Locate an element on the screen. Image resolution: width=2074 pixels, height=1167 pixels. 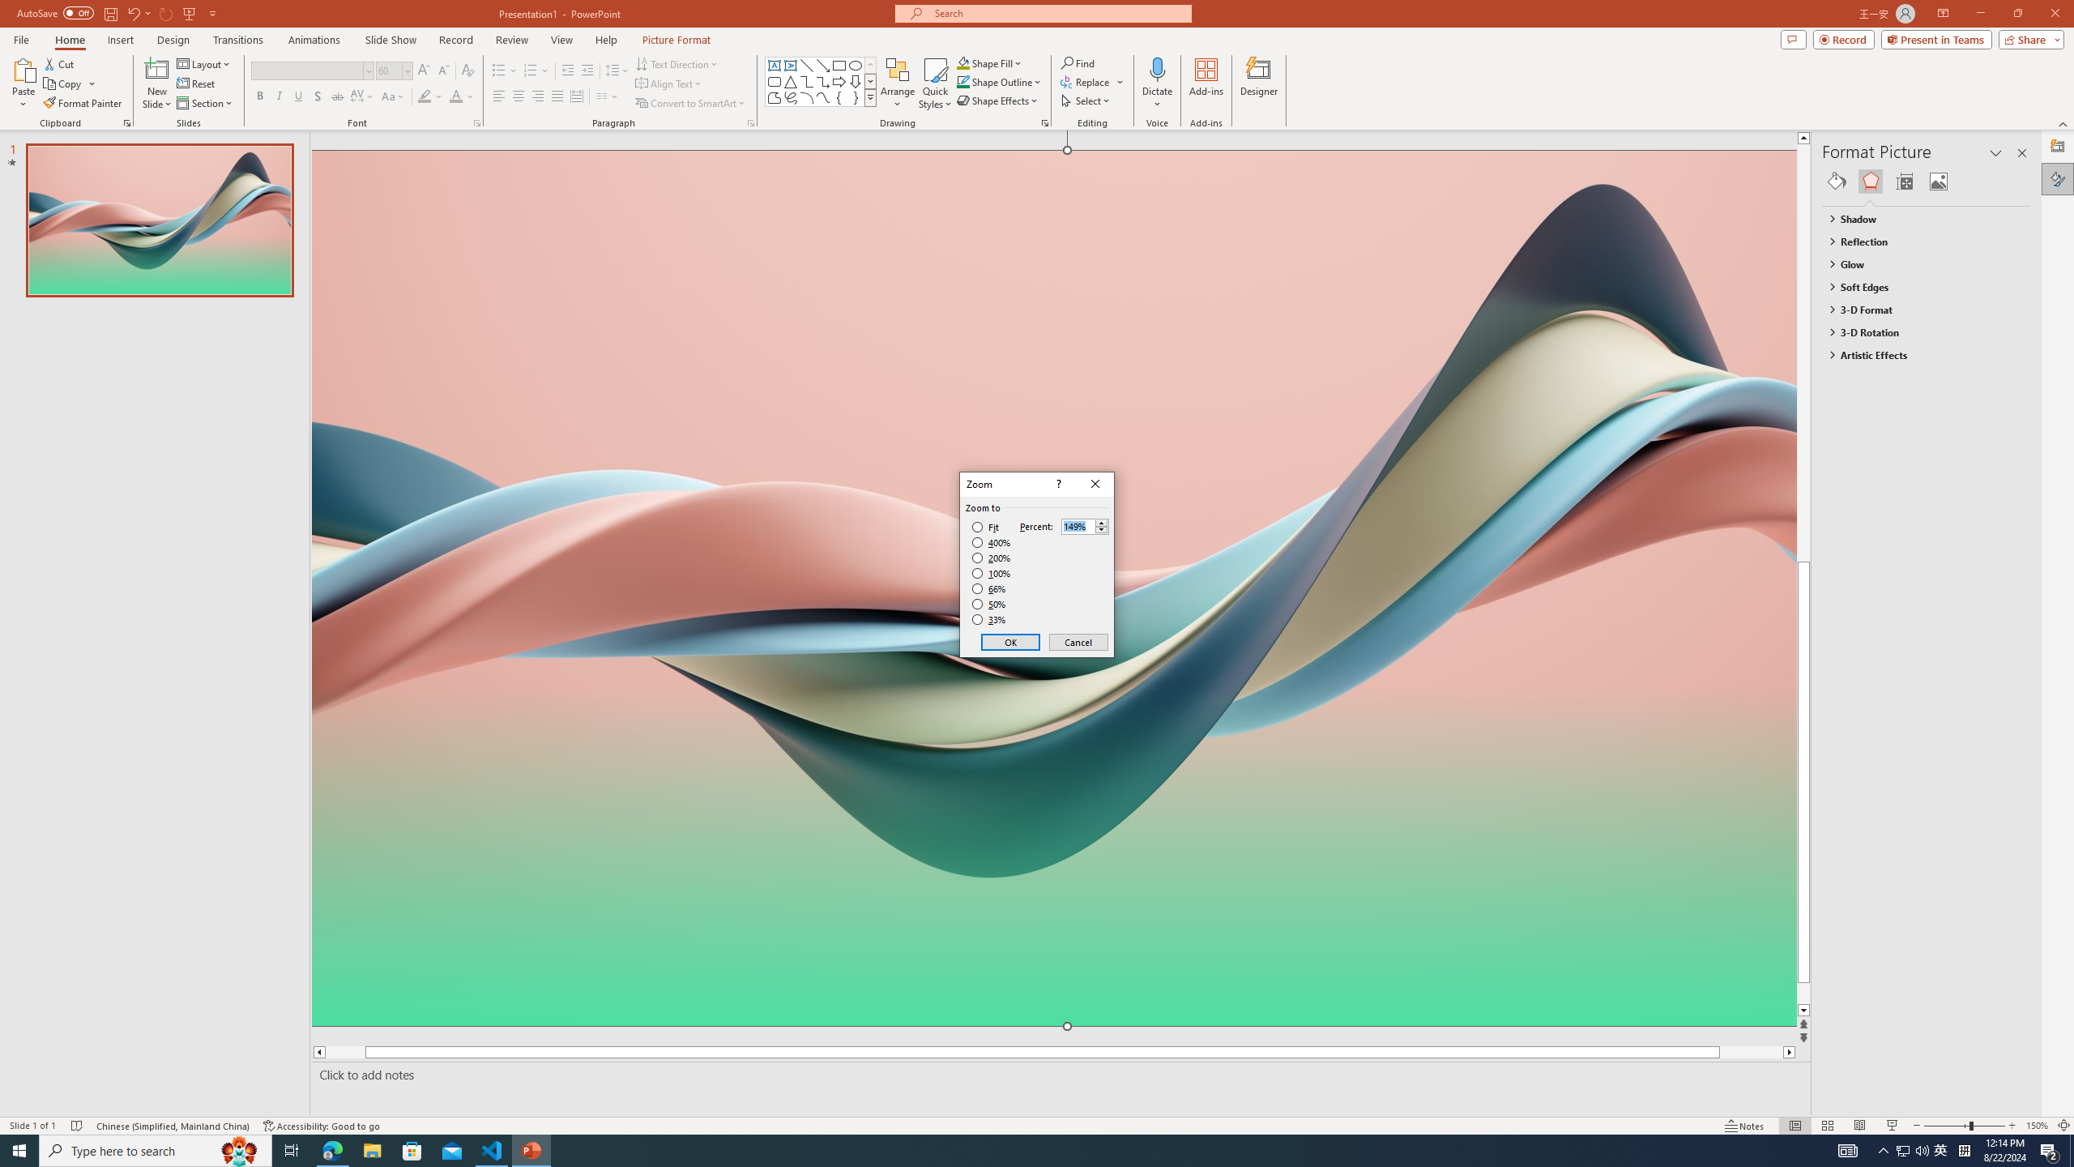
'Increase Indent' is located at coordinates (587, 71).